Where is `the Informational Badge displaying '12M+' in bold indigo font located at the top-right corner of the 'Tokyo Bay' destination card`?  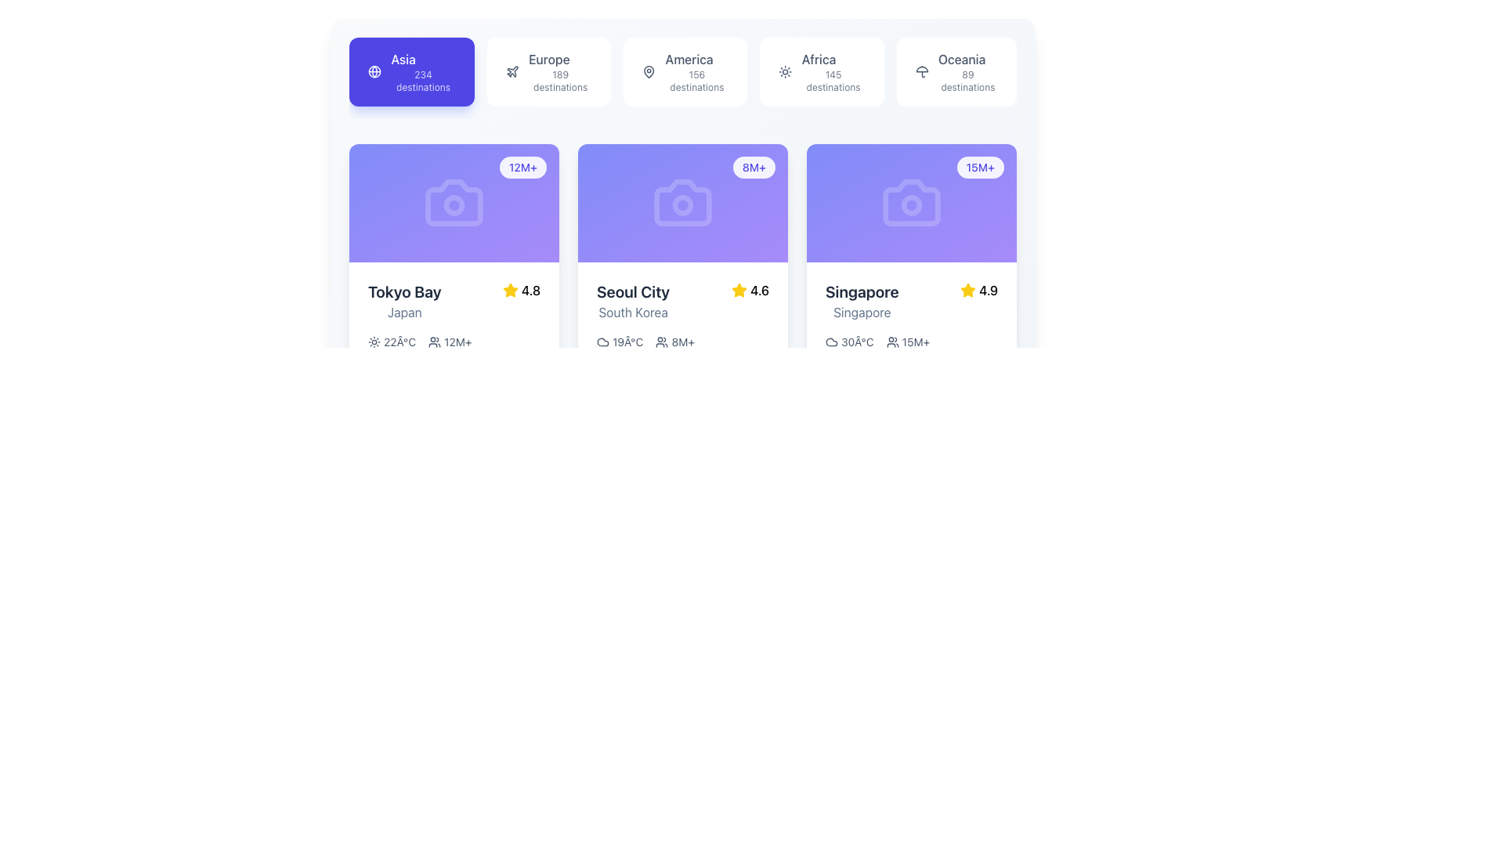 the Informational Badge displaying '12M+' in bold indigo font located at the top-right corner of the 'Tokyo Bay' destination card is located at coordinates (522, 167).